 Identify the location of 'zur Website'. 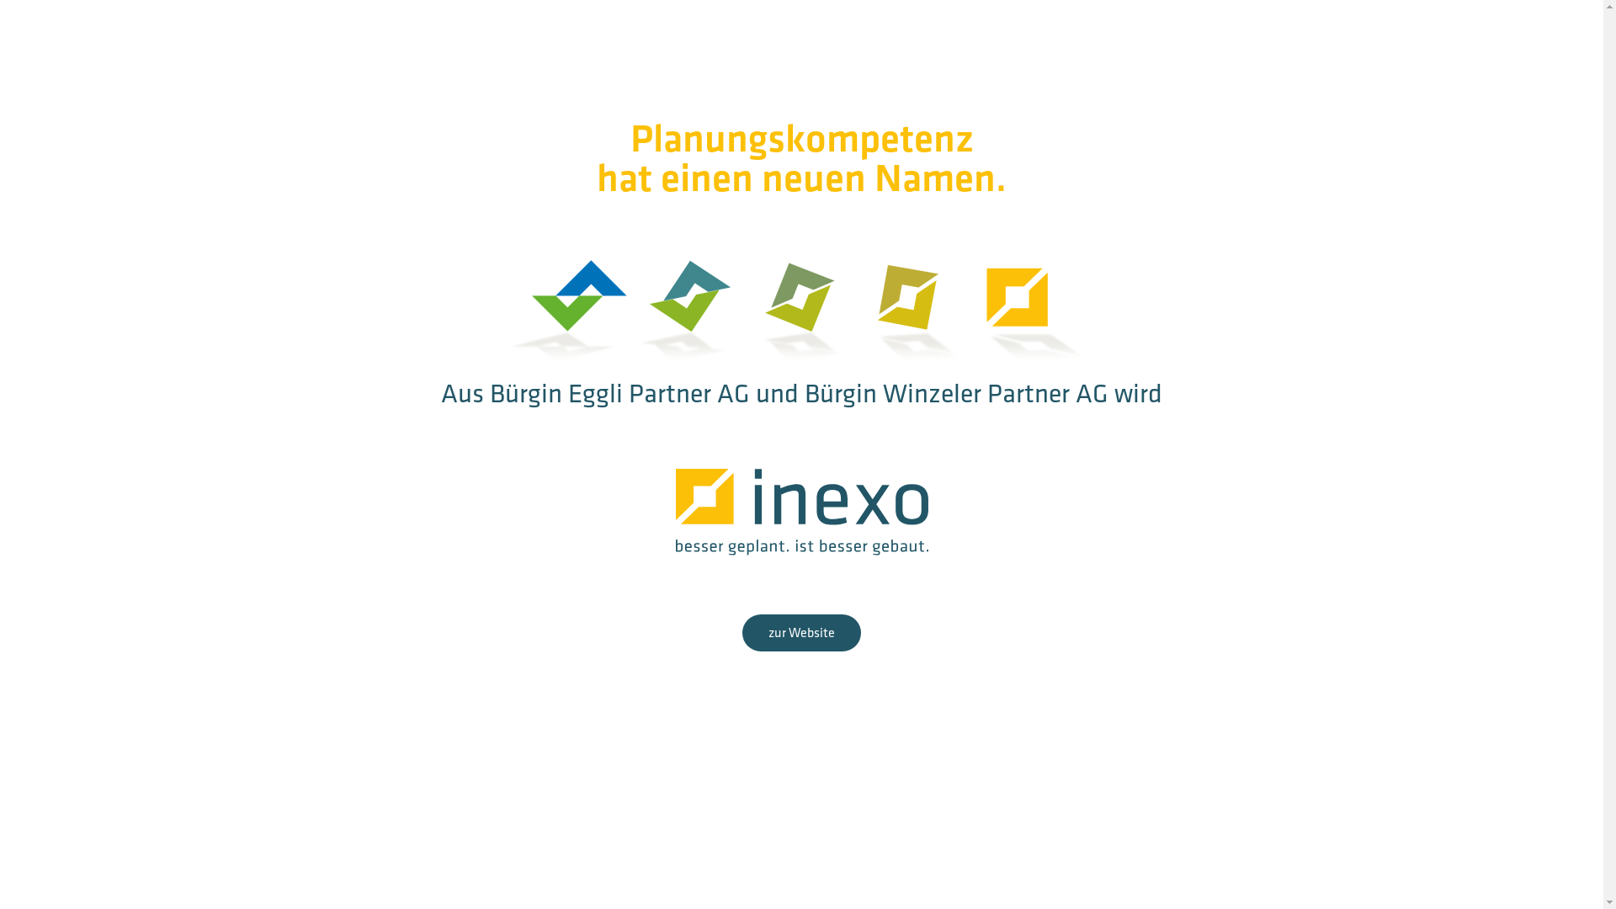
(742, 633).